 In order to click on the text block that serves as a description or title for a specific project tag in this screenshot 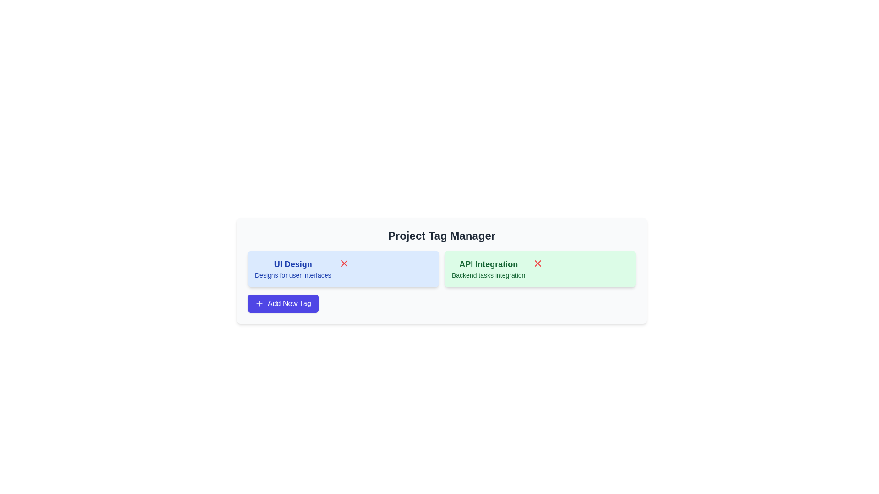, I will do `click(292, 268)`.